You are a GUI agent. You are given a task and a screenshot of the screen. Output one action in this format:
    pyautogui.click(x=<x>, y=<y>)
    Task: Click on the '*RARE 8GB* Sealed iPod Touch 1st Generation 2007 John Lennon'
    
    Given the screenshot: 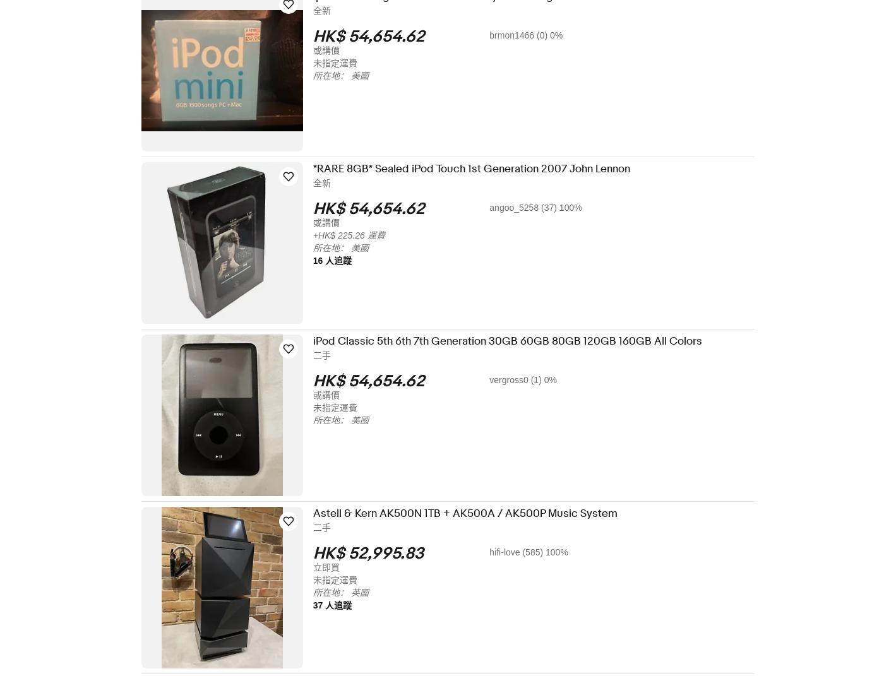 What is the action you would take?
    pyautogui.click(x=479, y=169)
    